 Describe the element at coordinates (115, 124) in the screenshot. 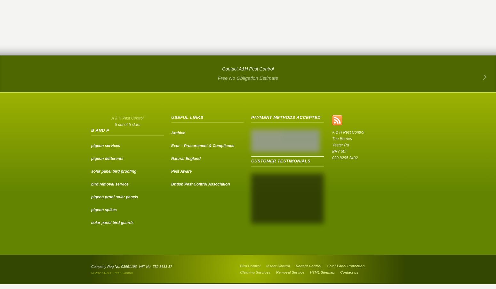

I see `'5'` at that location.